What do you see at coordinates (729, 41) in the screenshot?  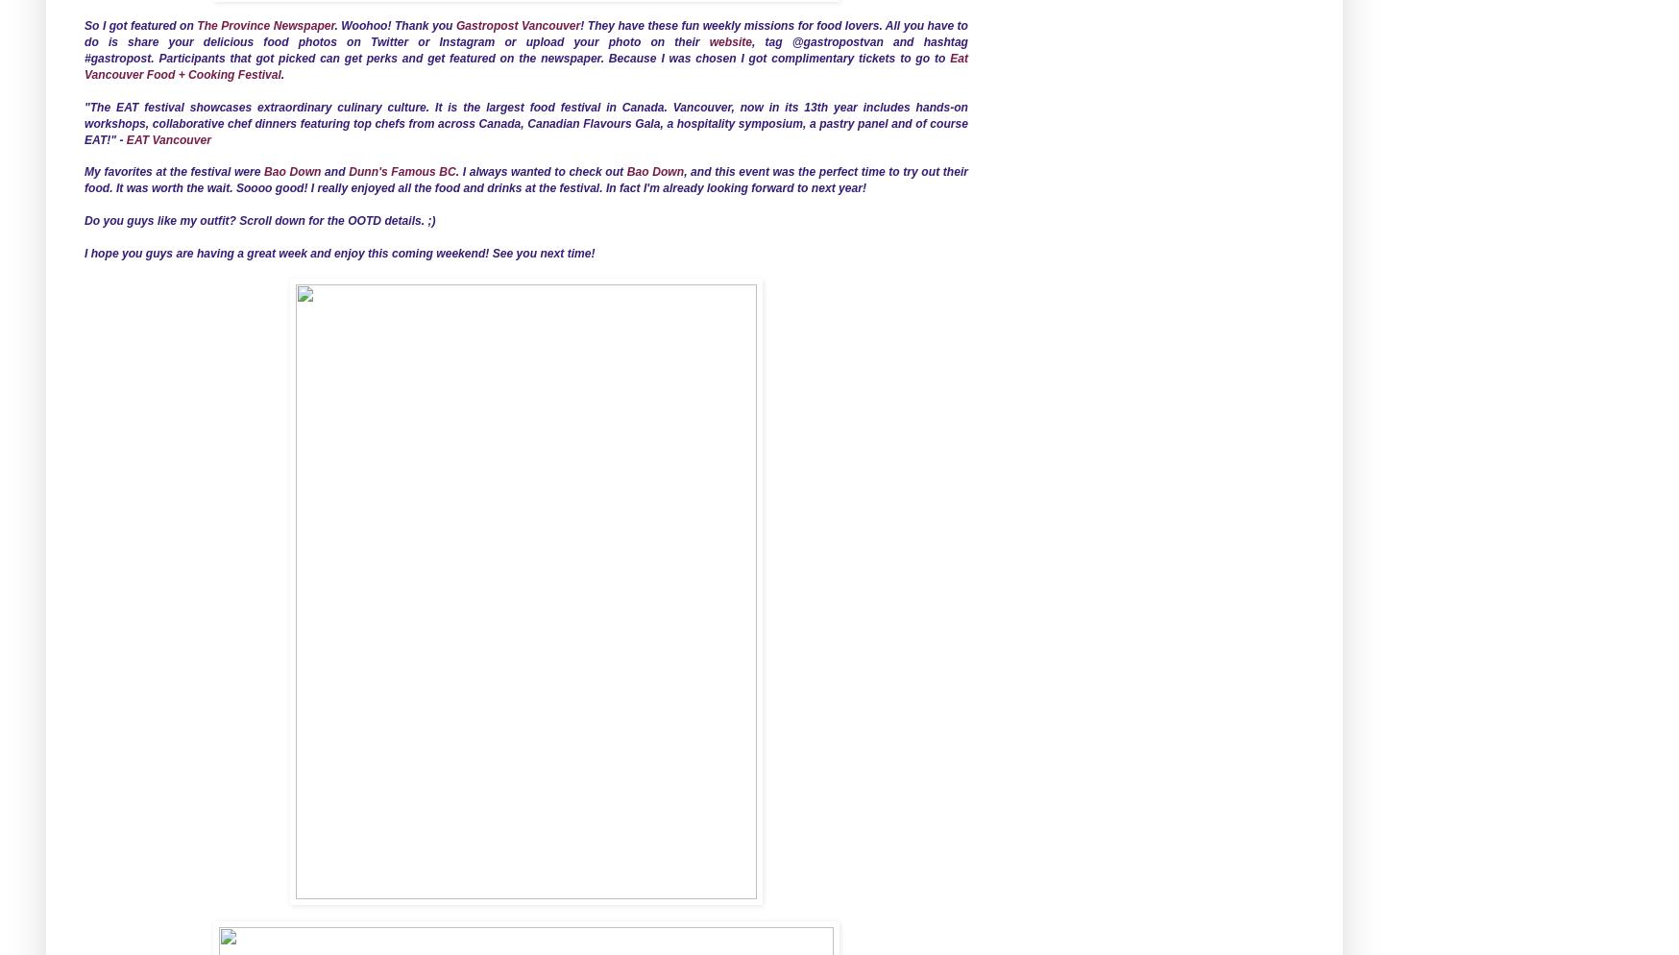 I see `'website'` at bounding box center [729, 41].